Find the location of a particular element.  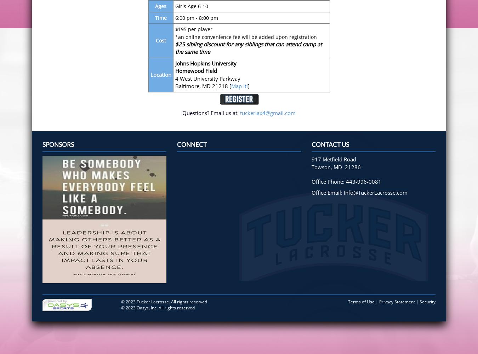

'Ages' is located at coordinates (160, 6).